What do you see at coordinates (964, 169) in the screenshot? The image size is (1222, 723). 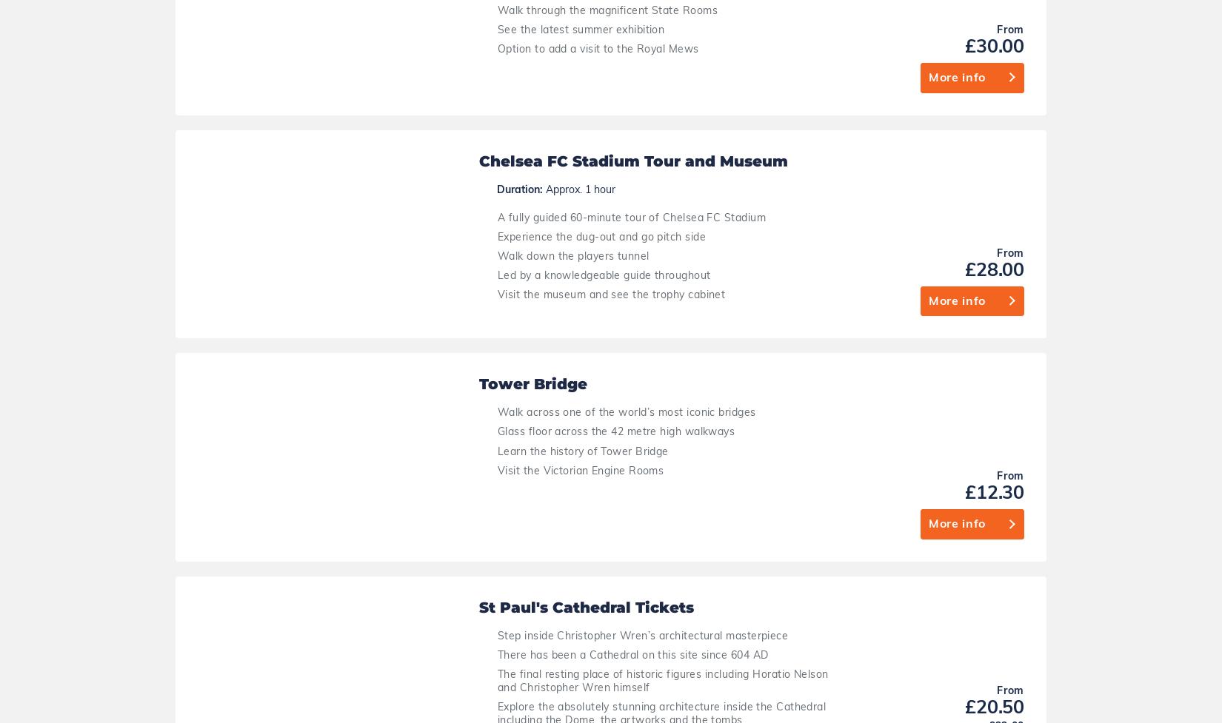 I see `'£20.50'` at bounding box center [964, 169].